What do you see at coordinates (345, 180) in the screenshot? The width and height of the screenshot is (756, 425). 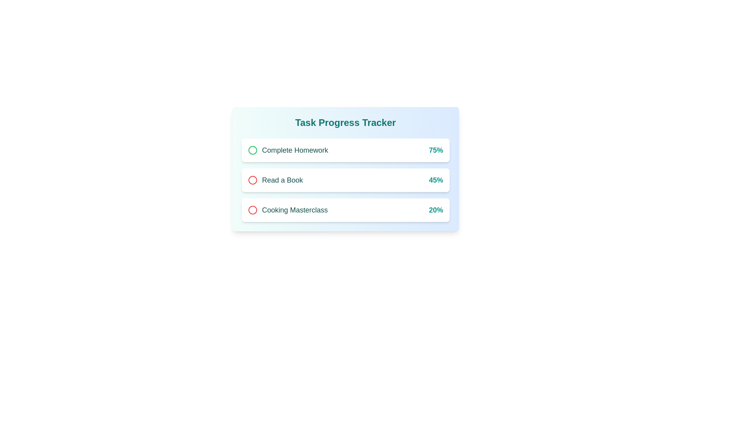 I see `the 'Read a Book' card, which is the second card in the 'Task Progress Tracker' section` at bounding box center [345, 180].